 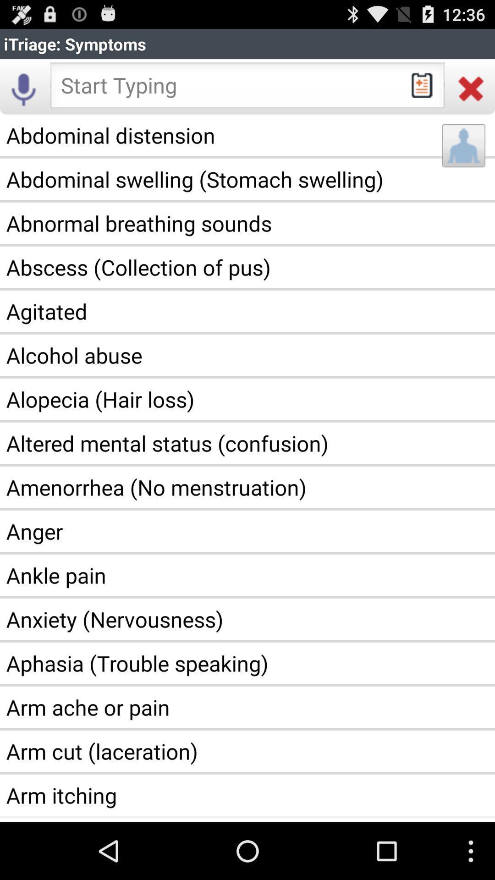 I want to click on the icon below the arm cut (laceration) icon, so click(x=247, y=795).